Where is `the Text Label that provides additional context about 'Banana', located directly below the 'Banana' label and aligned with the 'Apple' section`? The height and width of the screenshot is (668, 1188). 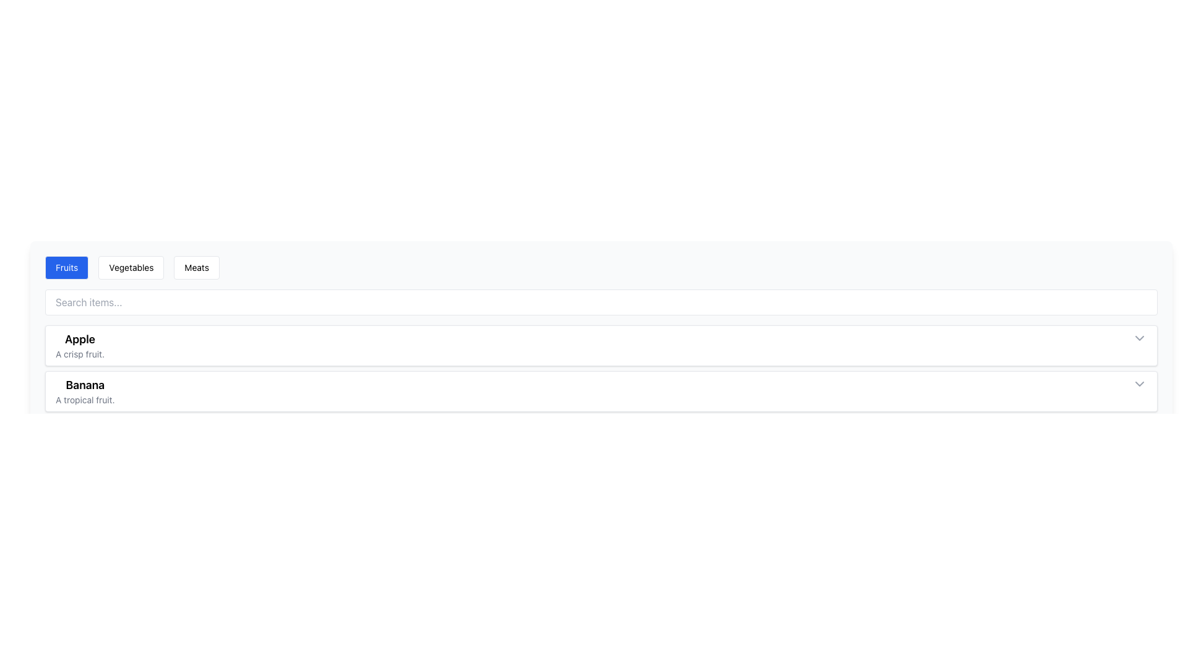
the Text Label that provides additional context about 'Banana', located directly below the 'Banana' label and aligned with the 'Apple' section is located at coordinates (84, 400).